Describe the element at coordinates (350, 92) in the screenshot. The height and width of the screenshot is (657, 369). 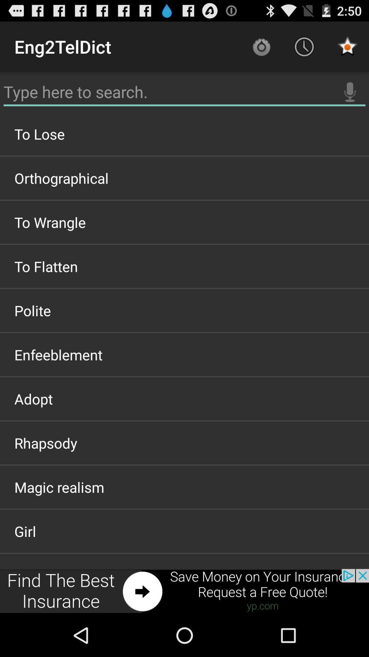
I see `the icon above to lose item` at that location.